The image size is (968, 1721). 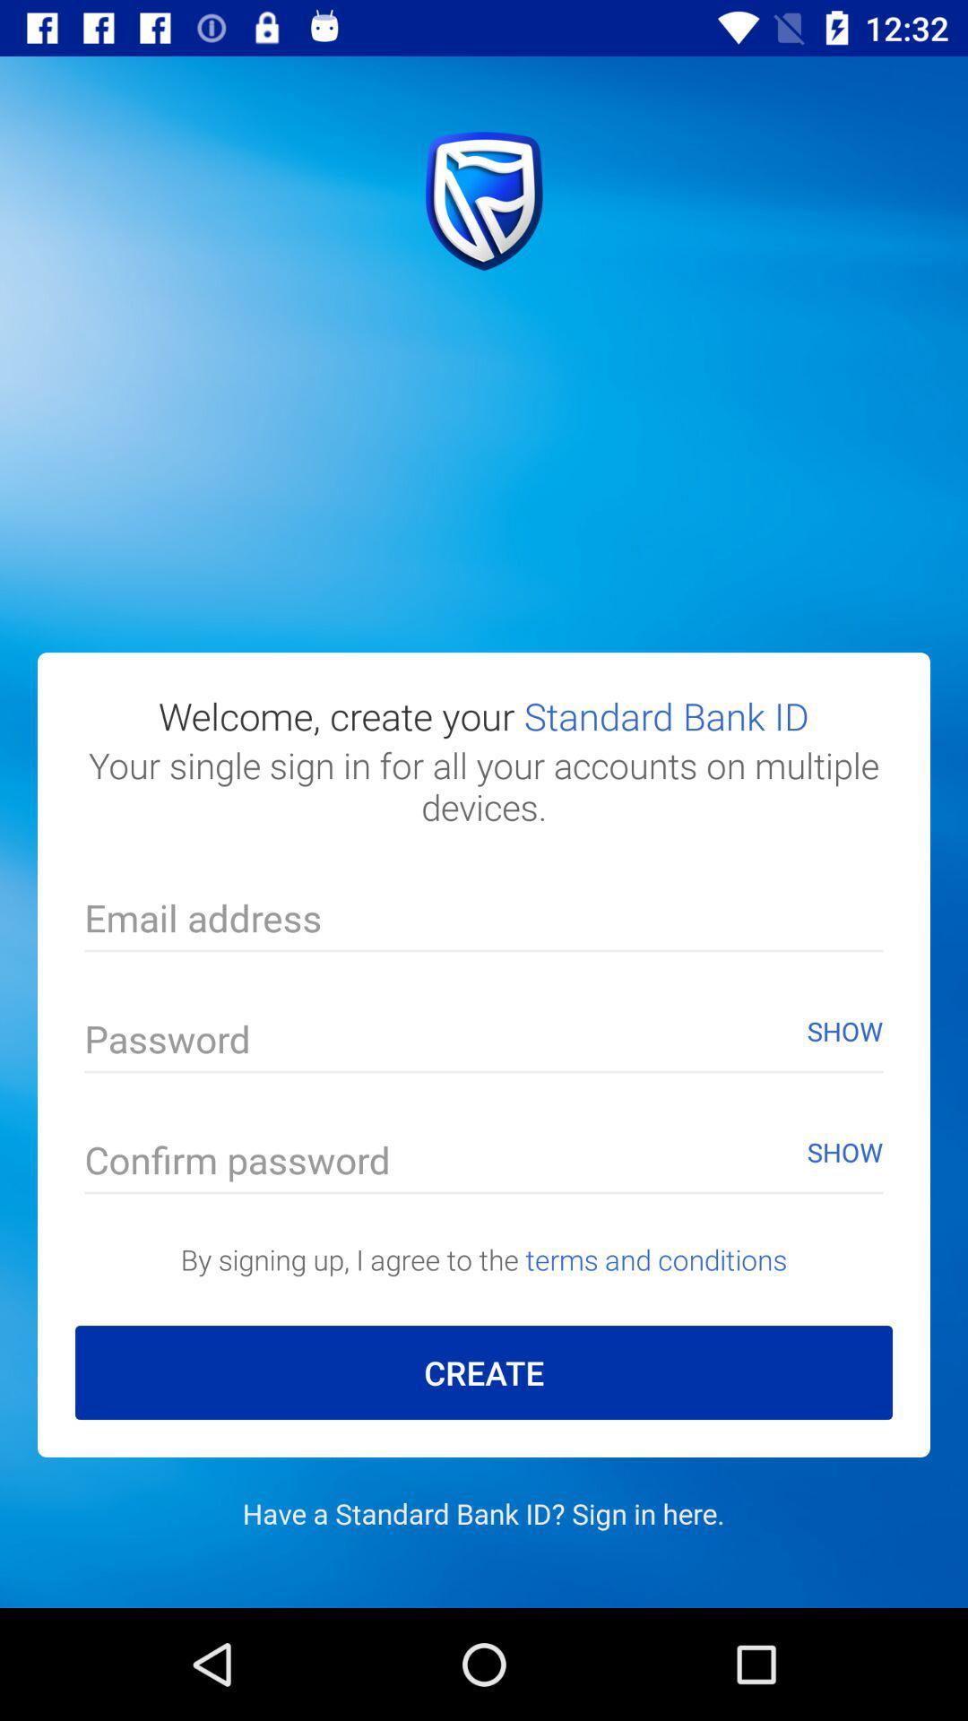 What do you see at coordinates (484, 922) in the screenshot?
I see `email address` at bounding box center [484, 922].